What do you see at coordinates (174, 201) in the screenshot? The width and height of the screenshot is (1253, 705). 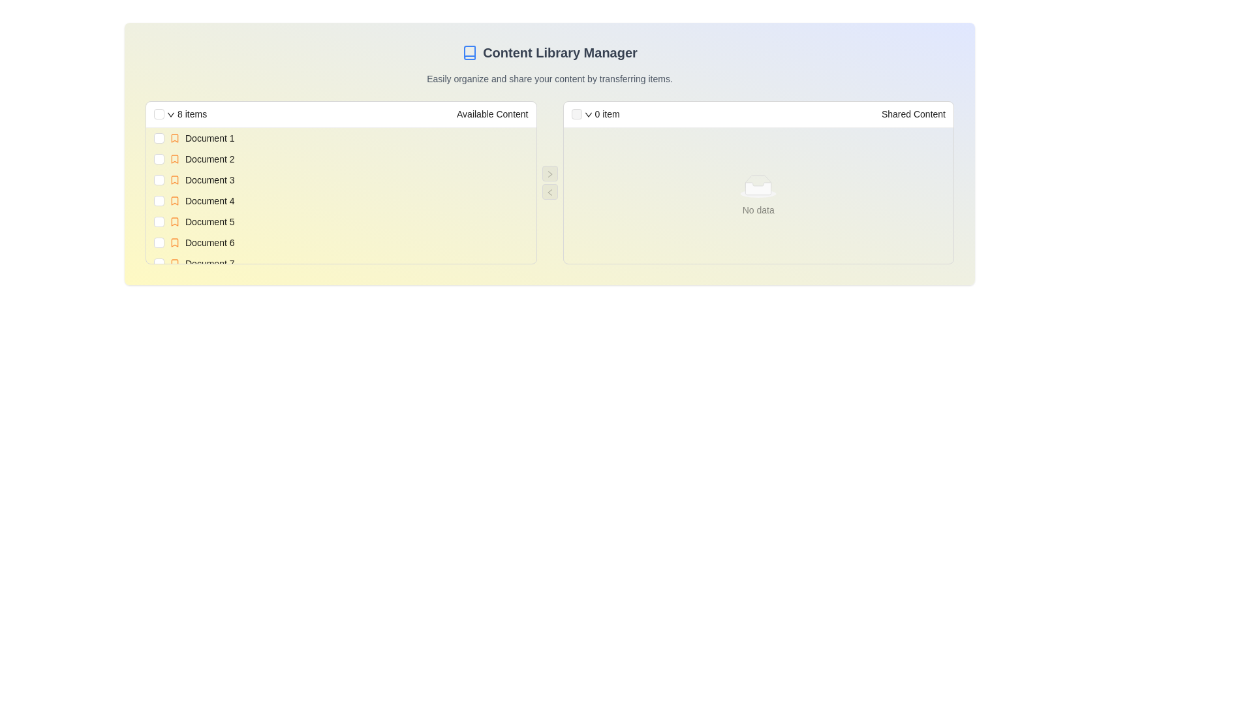 I see `the bookmark icon indicating that 'Document 4' is marked as important, which is the fourth icon in the 'Available Content' list` at bounding box center [174, 201].